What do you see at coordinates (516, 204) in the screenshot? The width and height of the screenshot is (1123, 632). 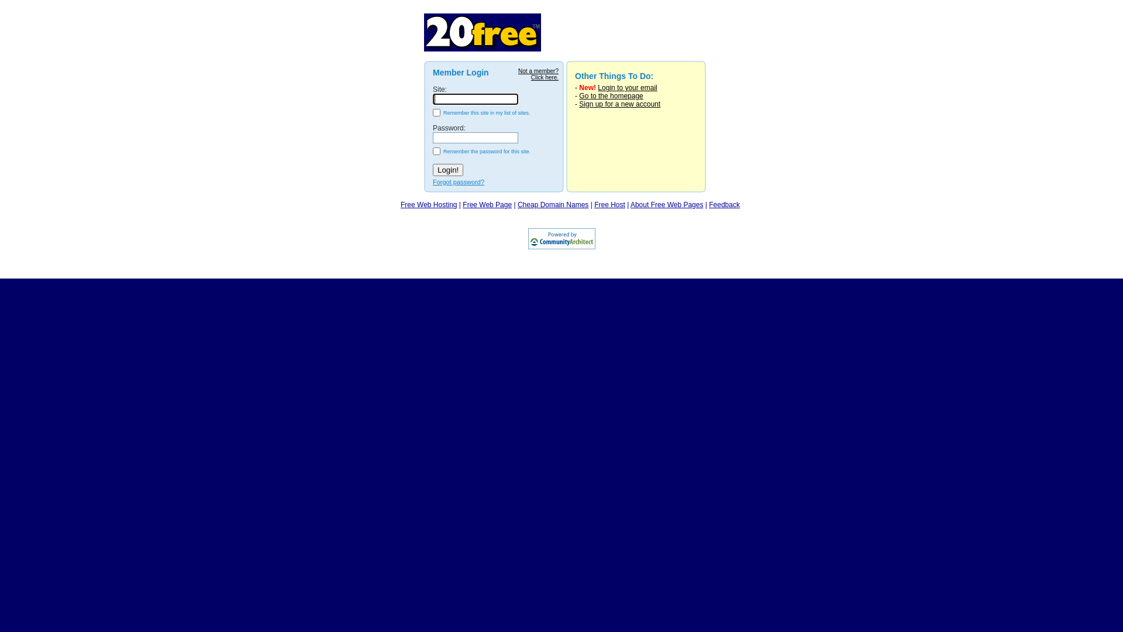 I see `'Cheap Domain Names'` at bounding box center [516, 204].